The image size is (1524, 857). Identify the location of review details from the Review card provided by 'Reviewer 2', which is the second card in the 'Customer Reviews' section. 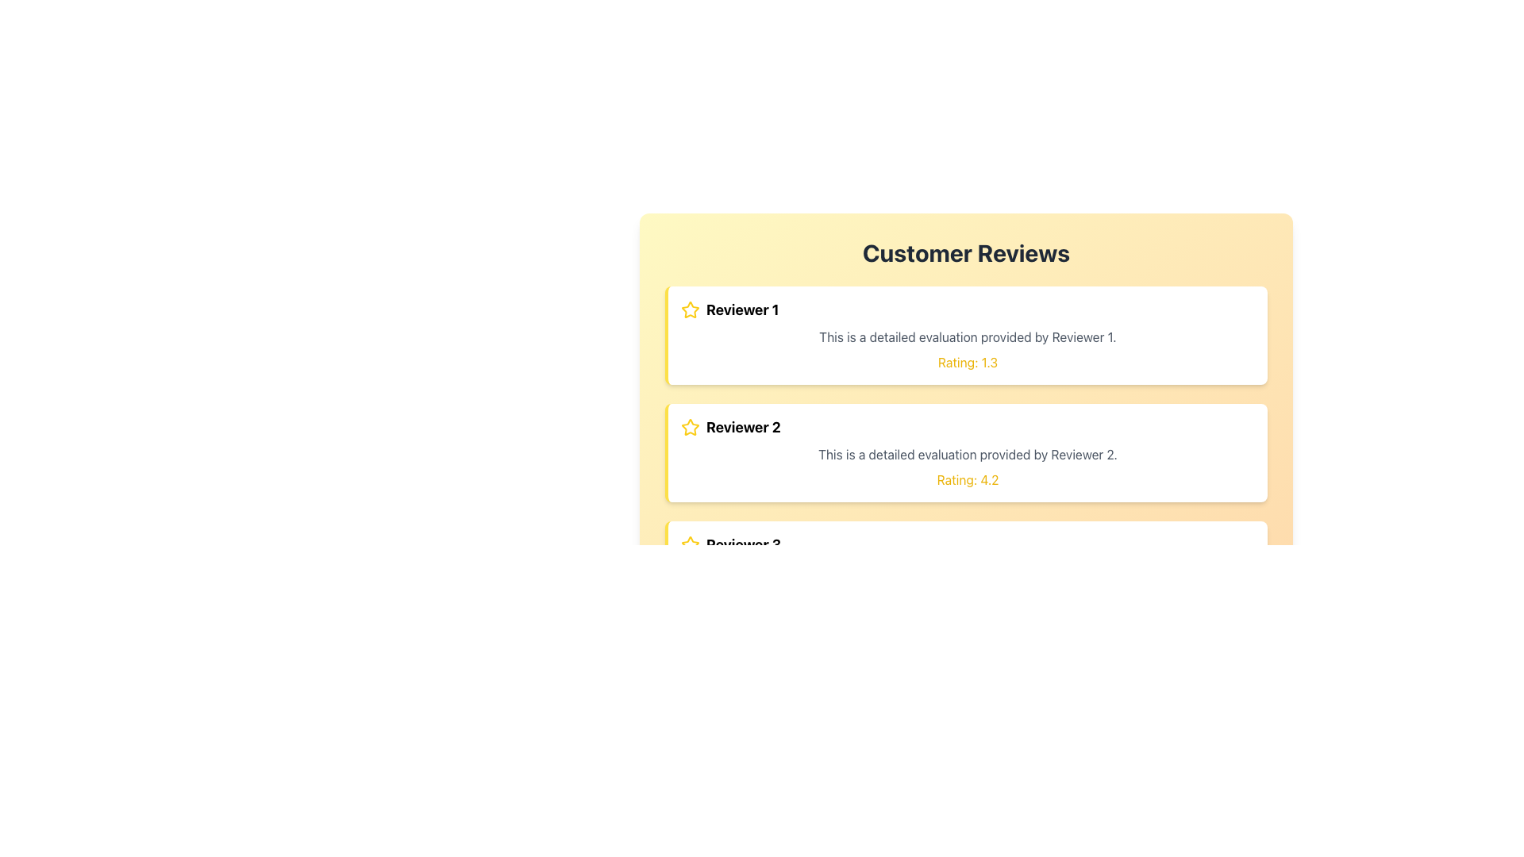
(965, 452).